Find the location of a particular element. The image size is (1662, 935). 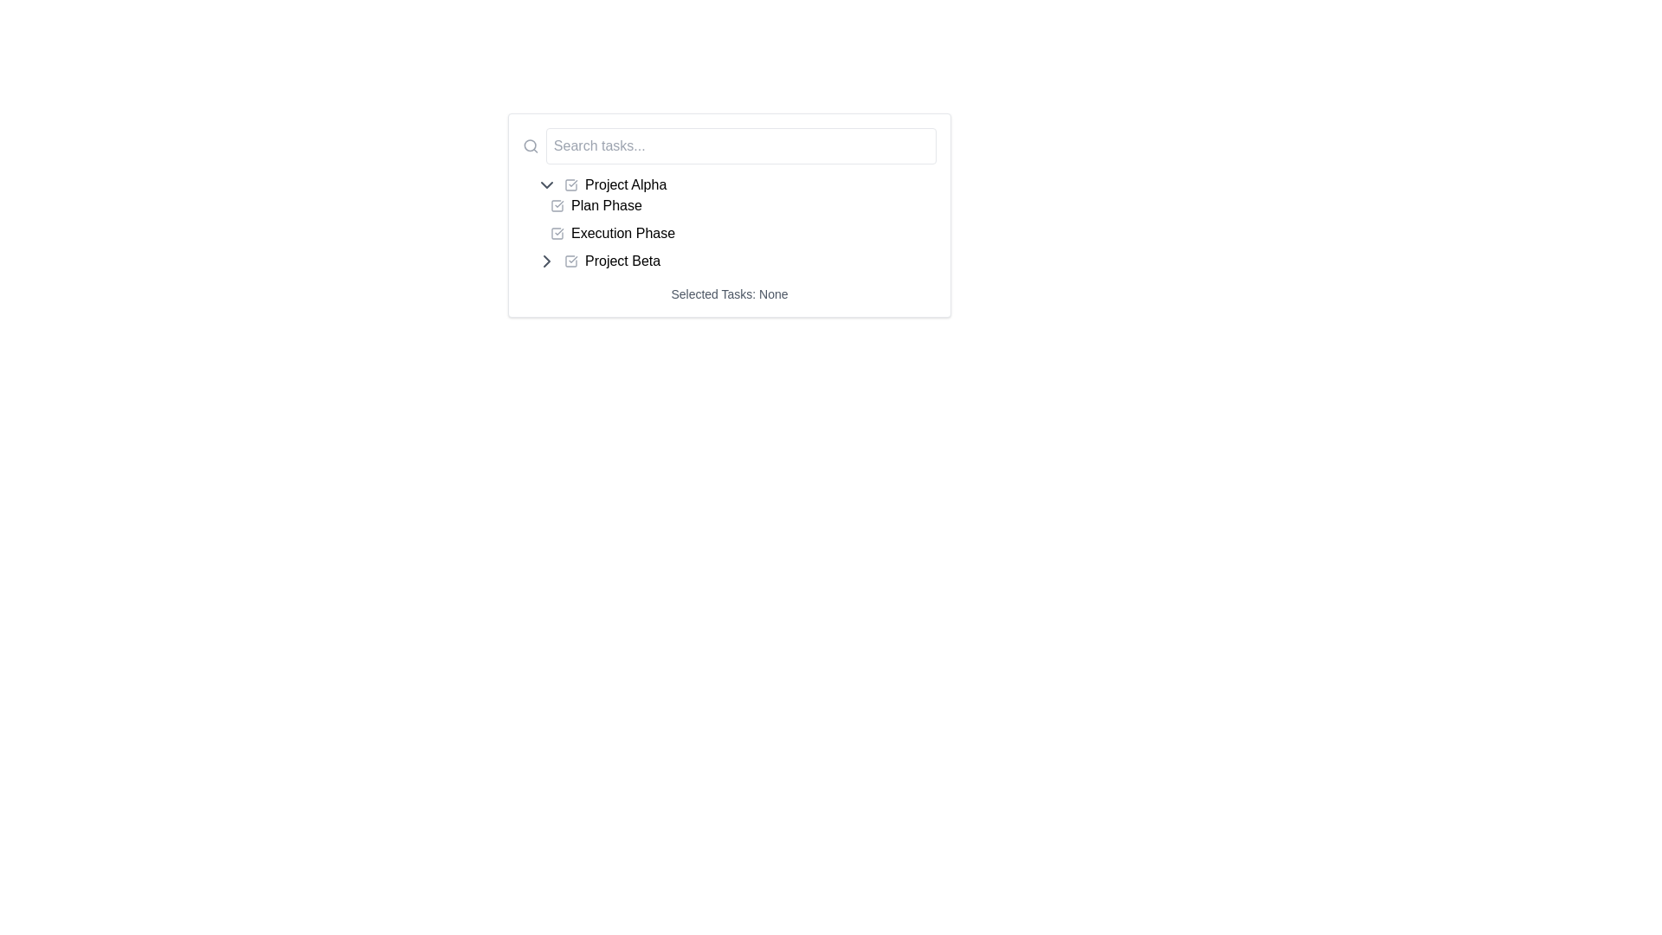

the Checkbox-like graphical element with a checkmark inside, located to the left of the 'Project Alpha' text in the task management interface is located at coordinates (571, 184).